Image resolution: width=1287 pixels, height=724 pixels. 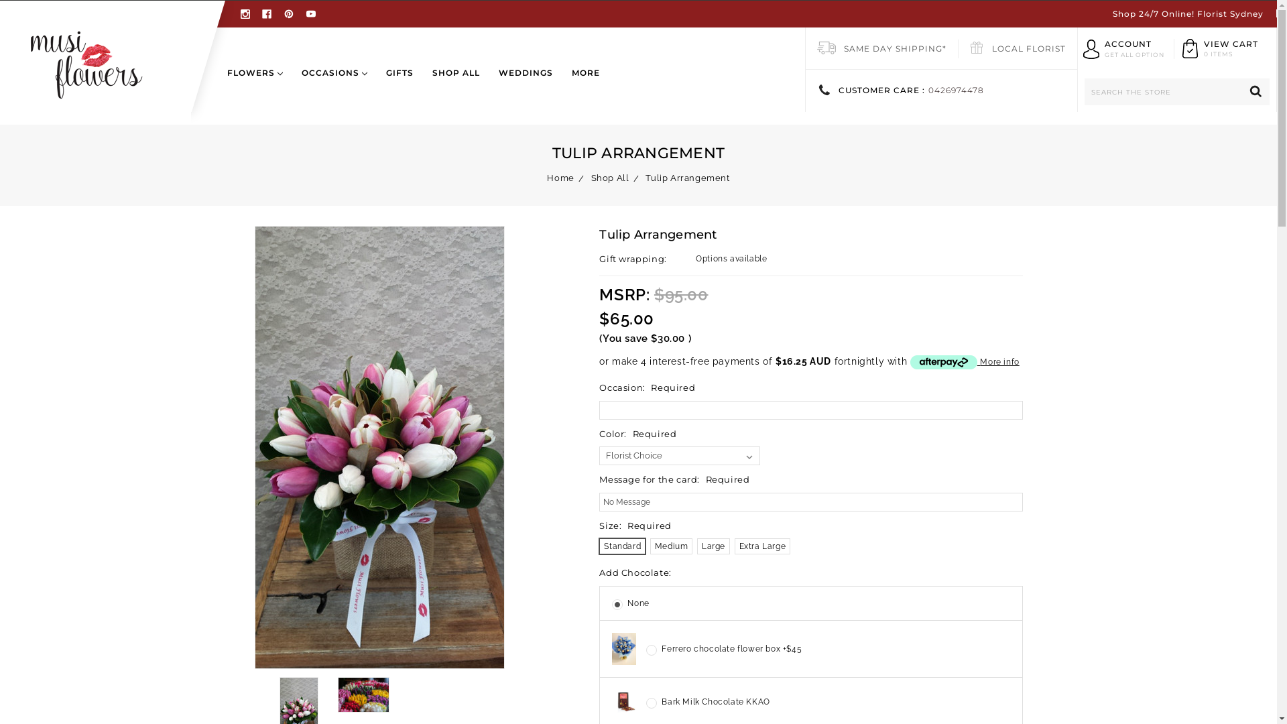 What do you see at coordinates (687, 177) in the screenshot?
I see `'Tulip Arrangement'` at bounding box center [687, 177].